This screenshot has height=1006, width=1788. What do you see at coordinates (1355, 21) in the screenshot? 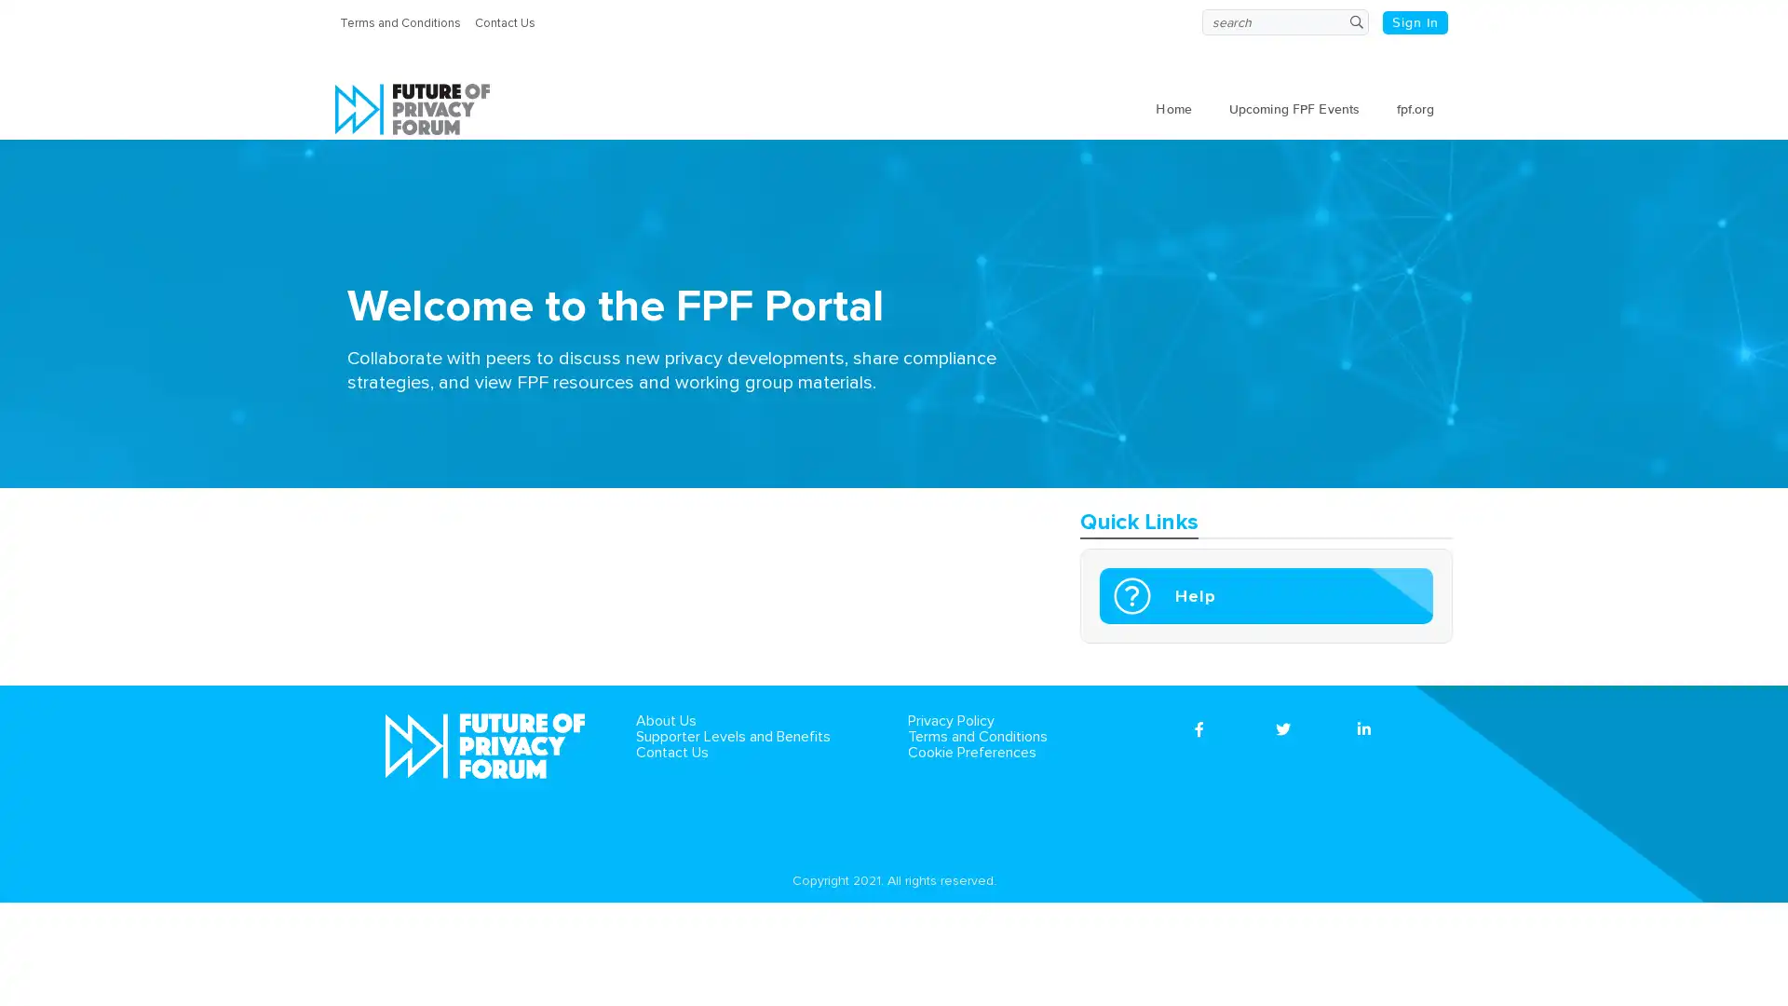
I see `search` at bounding box center [1355, 21].